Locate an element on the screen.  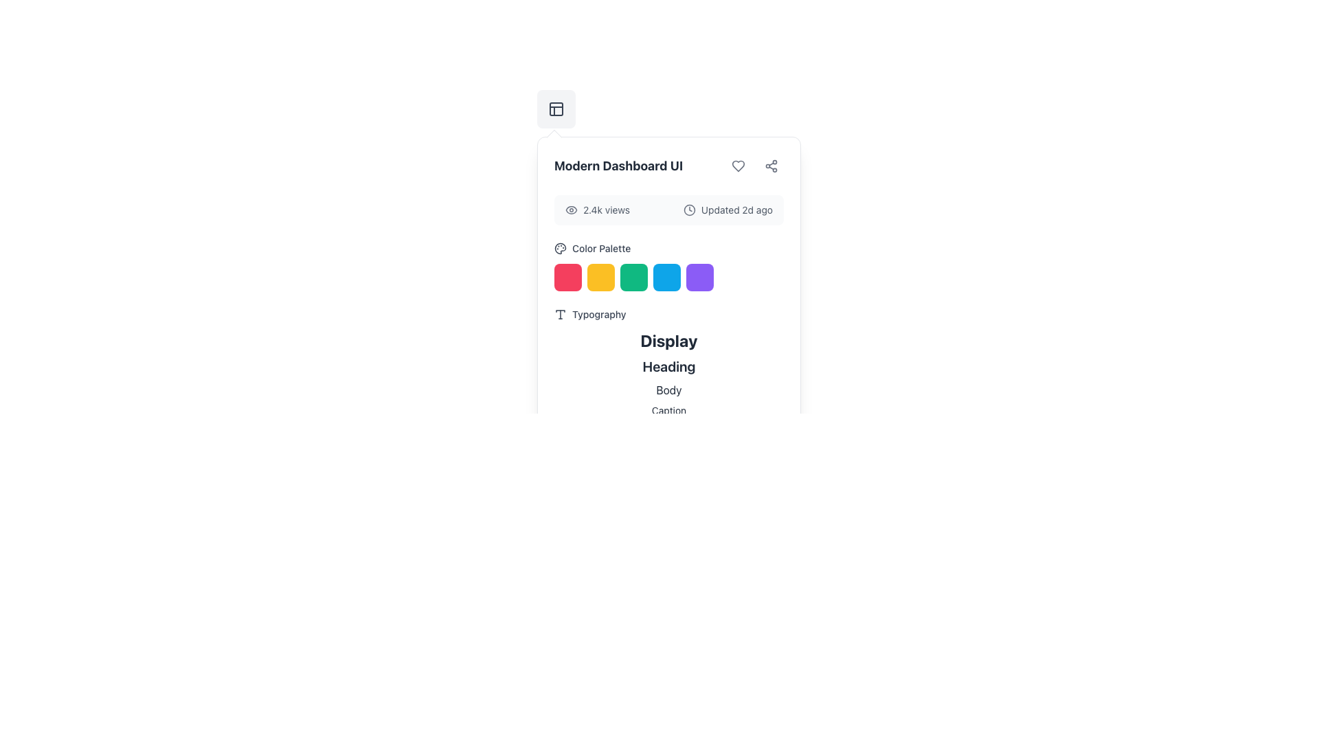
the first icon button in the horizontal row of two similar icon buttons located on the top-right of the card, which serves as a 'favorite' or 'like' button is located at coordinates (738, 166).